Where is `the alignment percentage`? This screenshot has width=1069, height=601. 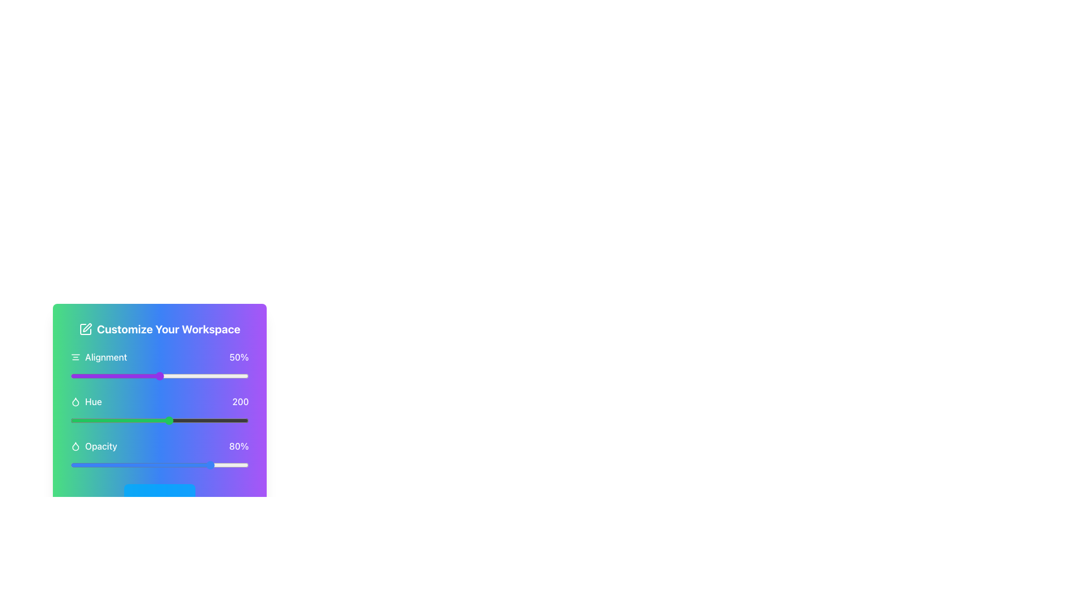
the alignment percentage is located at coordinates (200, 376).